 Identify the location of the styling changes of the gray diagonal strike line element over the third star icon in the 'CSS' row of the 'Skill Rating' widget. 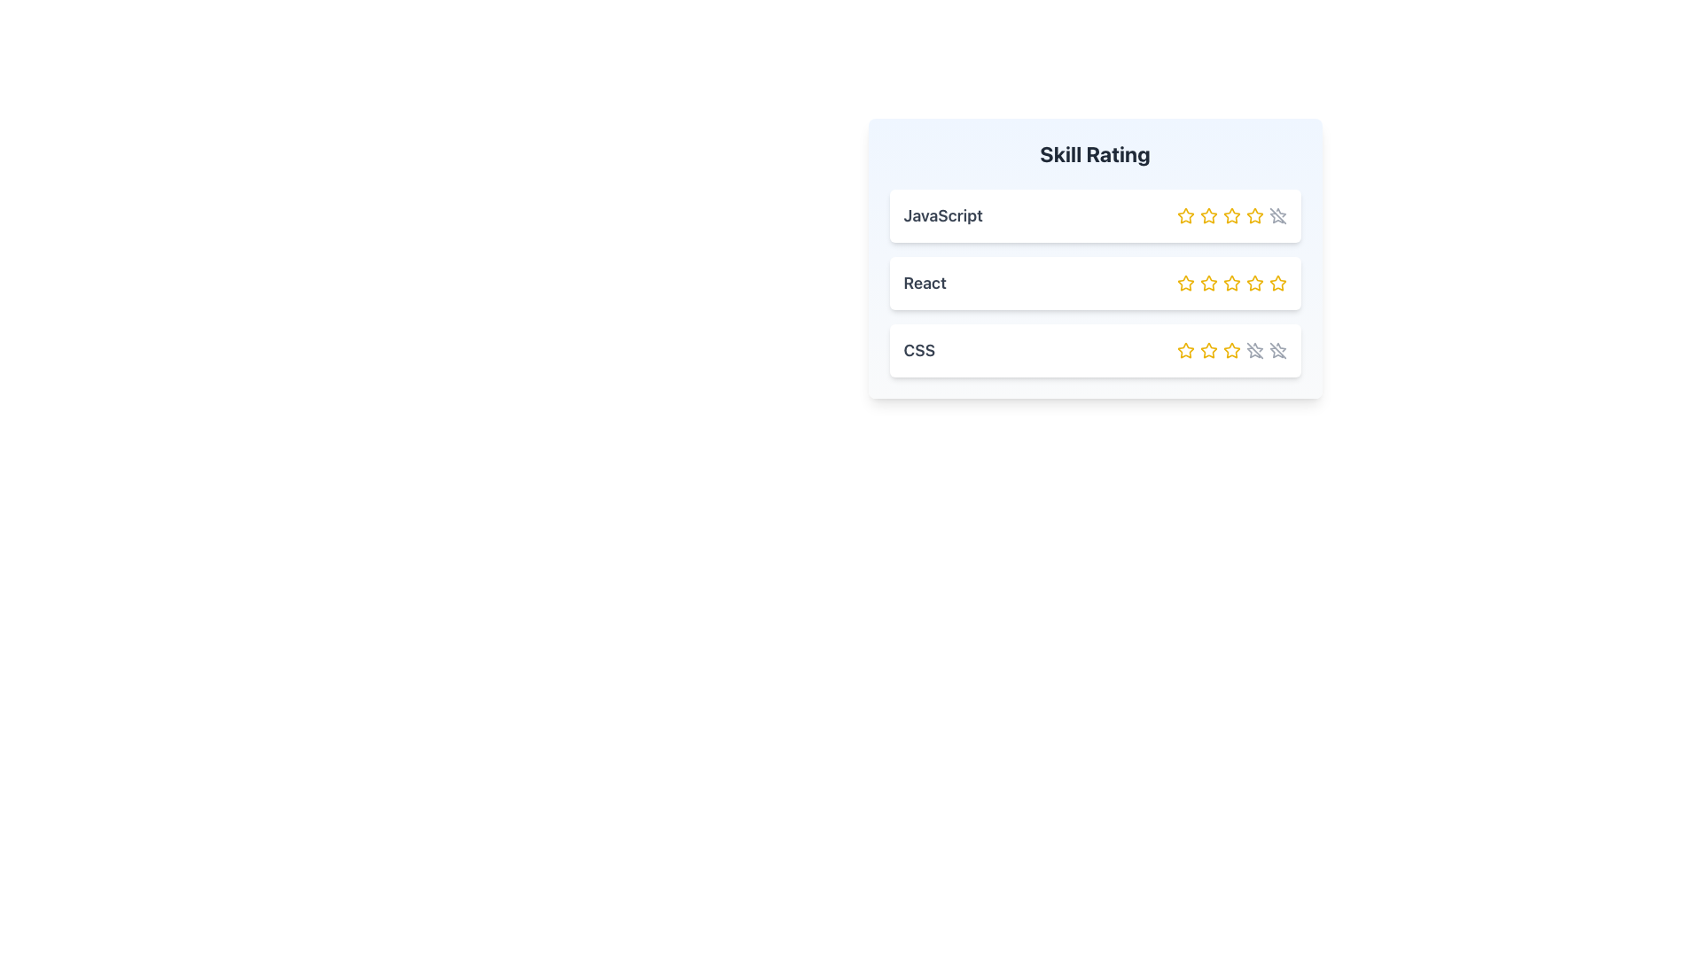
(1277, 351).